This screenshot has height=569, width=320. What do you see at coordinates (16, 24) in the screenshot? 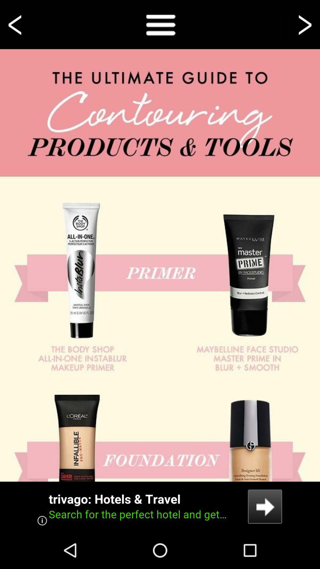
I see `previous page` at bounding box center [16, 24].